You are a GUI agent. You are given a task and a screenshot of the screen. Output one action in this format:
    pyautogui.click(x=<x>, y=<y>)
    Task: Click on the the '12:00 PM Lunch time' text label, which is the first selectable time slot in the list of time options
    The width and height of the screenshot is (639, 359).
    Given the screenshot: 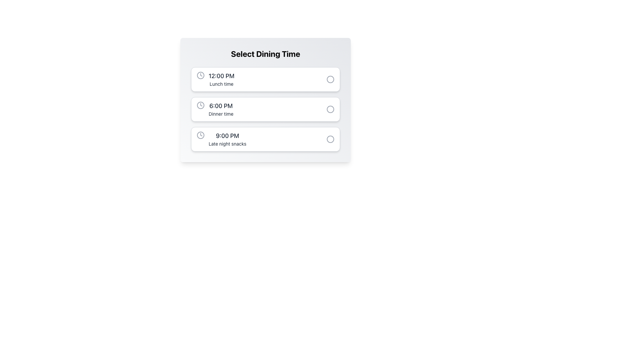 What is the action you would take?
    pyautogui.click(x=221, y=79)
    